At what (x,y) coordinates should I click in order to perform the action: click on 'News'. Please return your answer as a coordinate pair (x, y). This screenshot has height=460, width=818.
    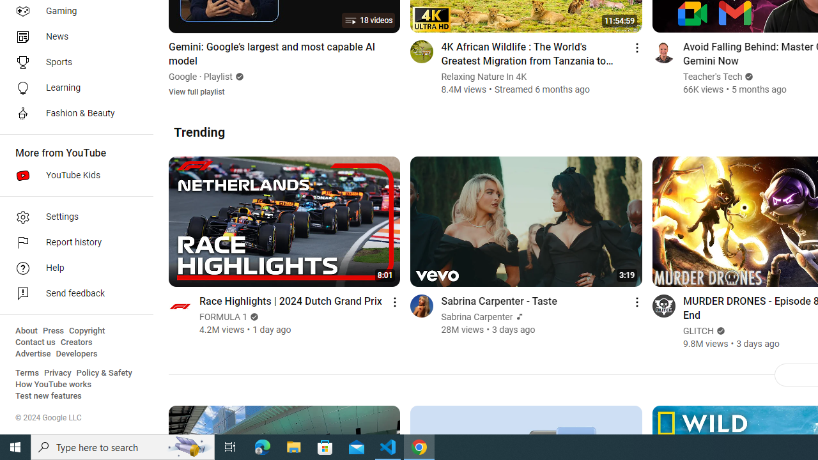
    Looking at the image, I should click on (72, 36).